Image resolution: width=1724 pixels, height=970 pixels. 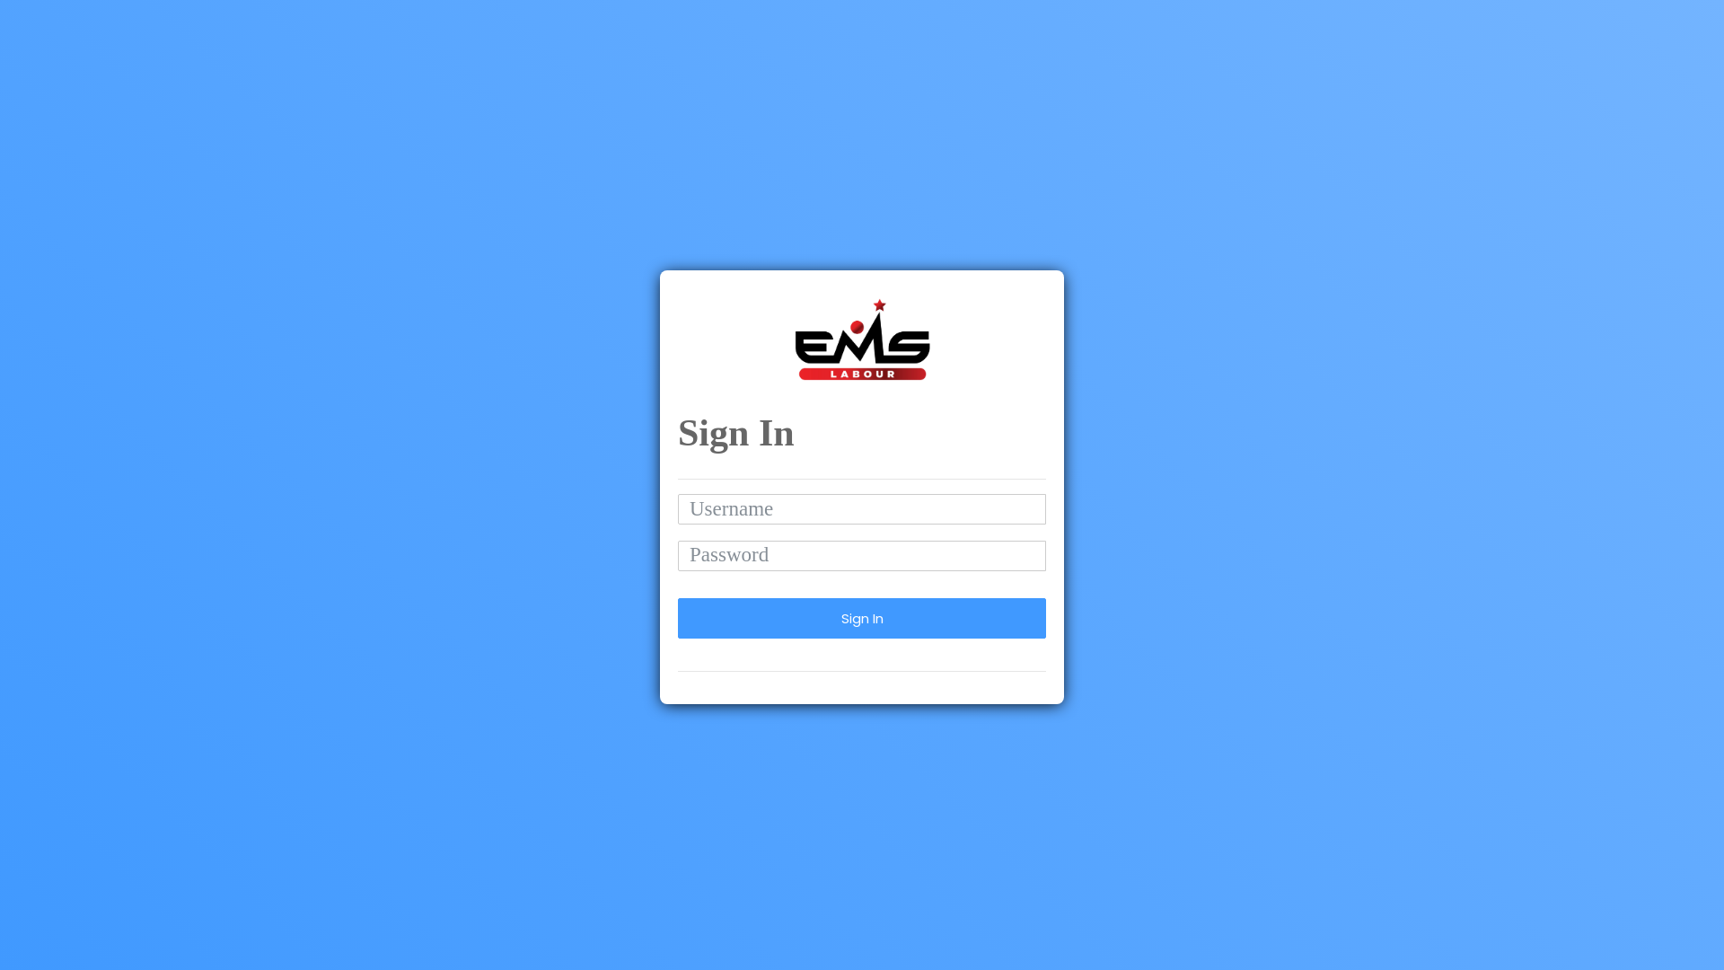 I want to click on 'Sign In', so click(x=862, y=617).